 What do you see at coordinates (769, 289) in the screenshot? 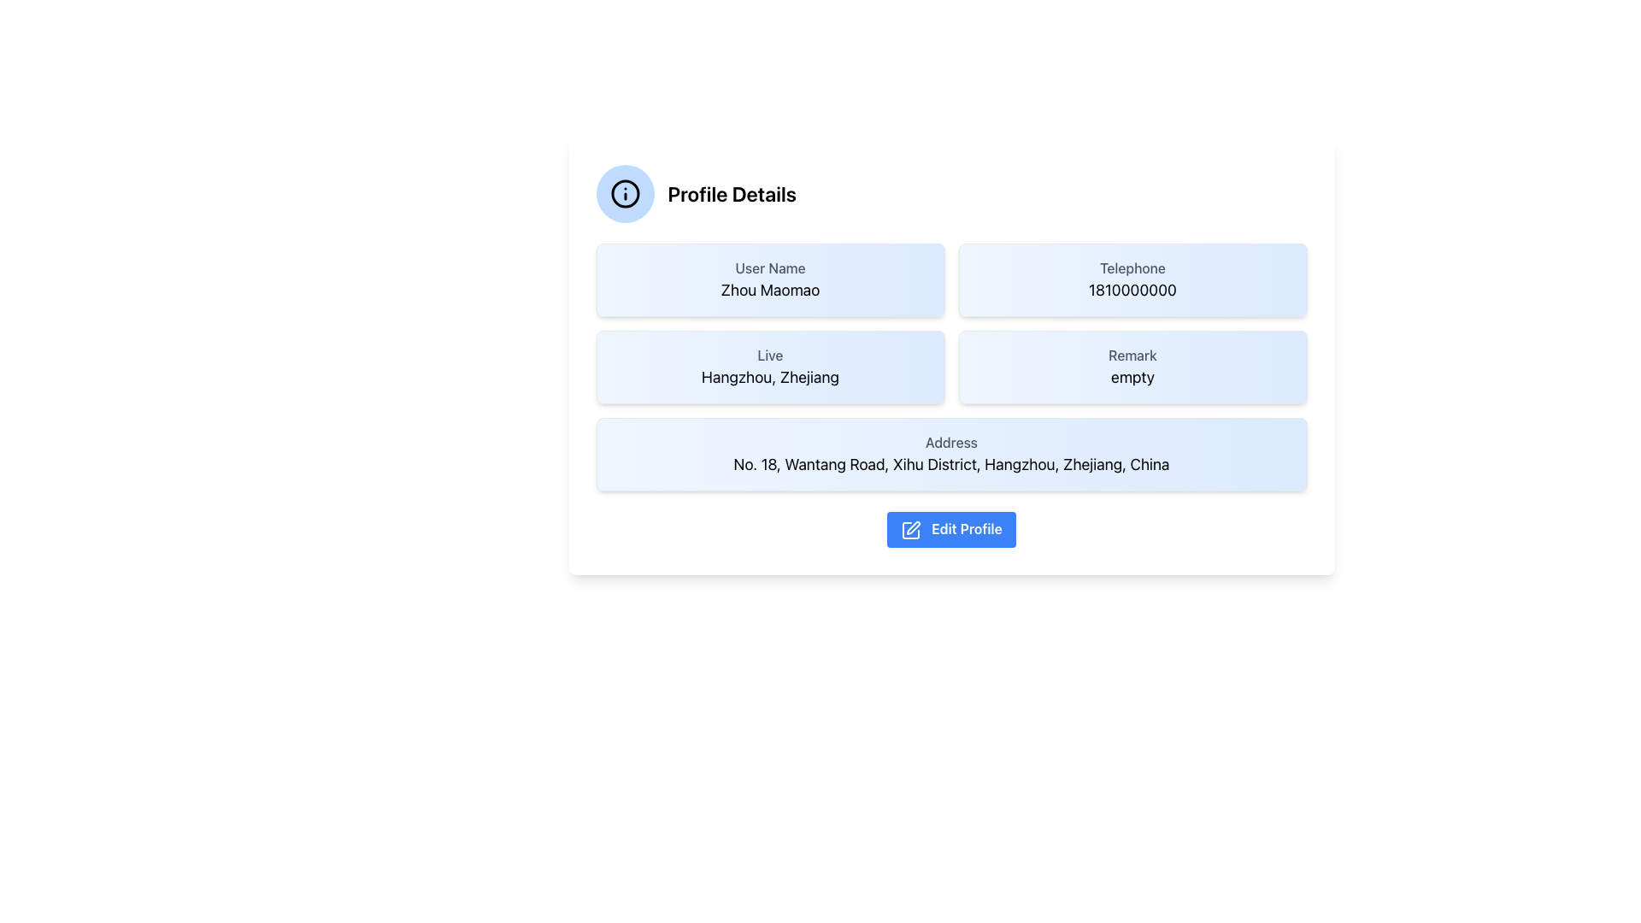
I see `text displayed in the large, bold, black font saying 'Zhou Maomao' within the light blue background section of the Text Display element` at bounding box center [769, 289].